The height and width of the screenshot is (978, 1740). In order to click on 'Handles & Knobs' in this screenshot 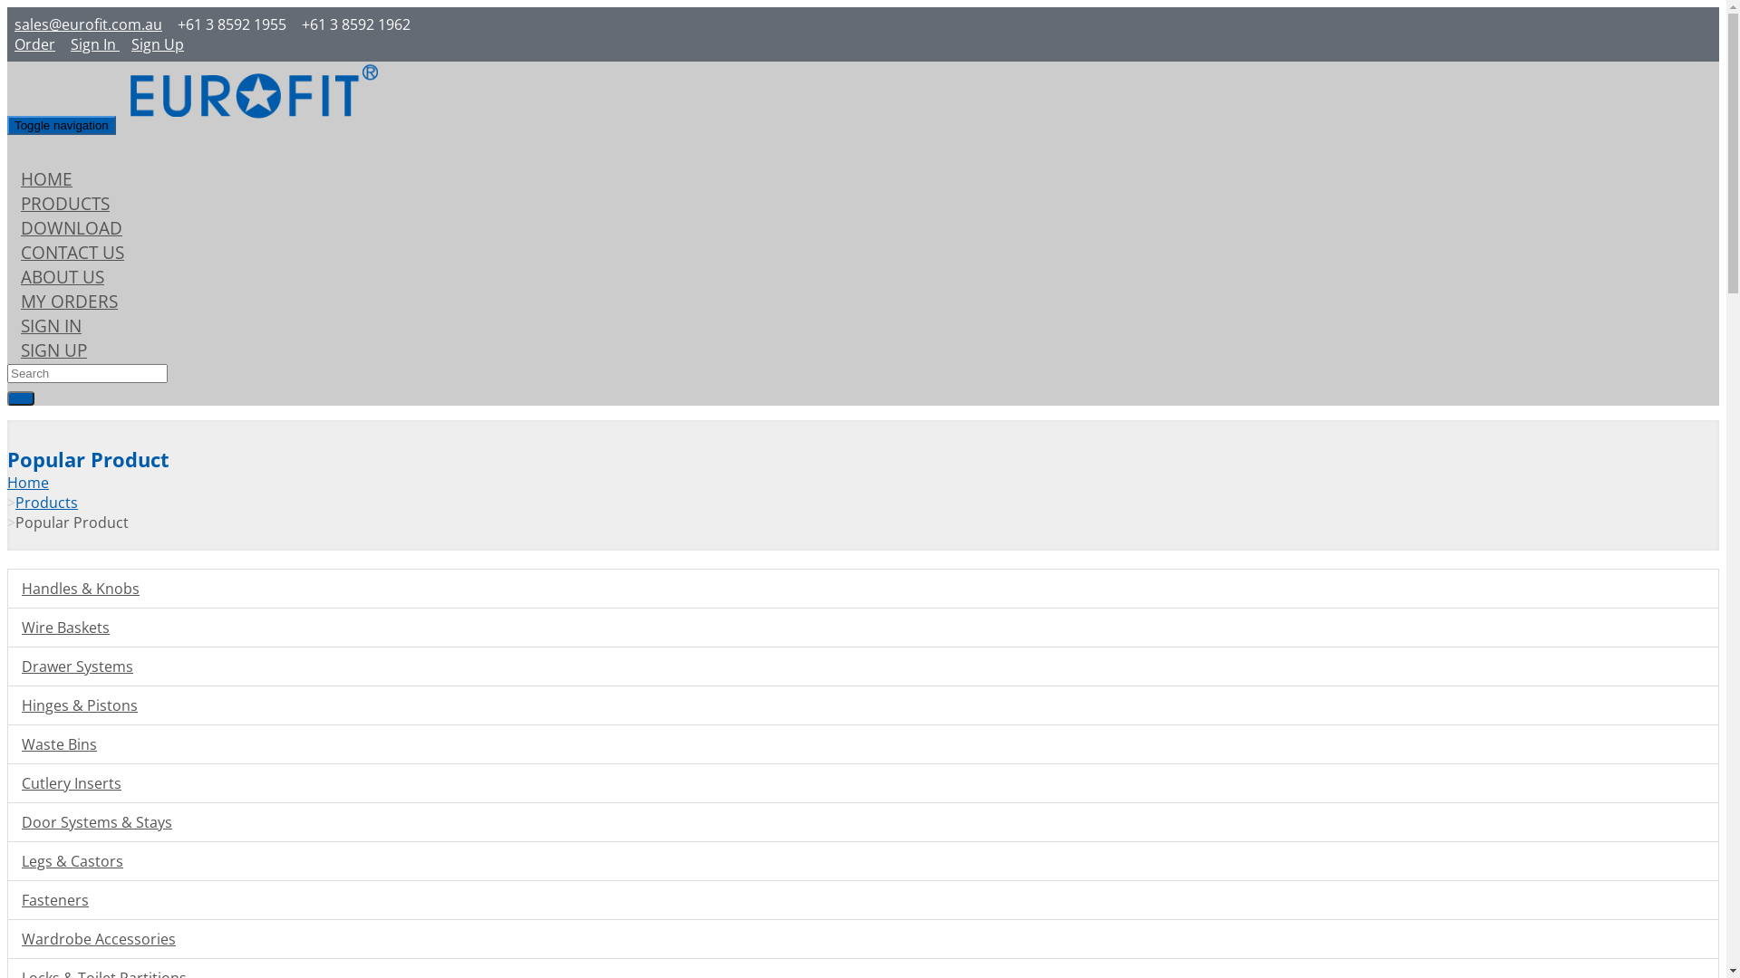, I will do `click(7, 589)`.